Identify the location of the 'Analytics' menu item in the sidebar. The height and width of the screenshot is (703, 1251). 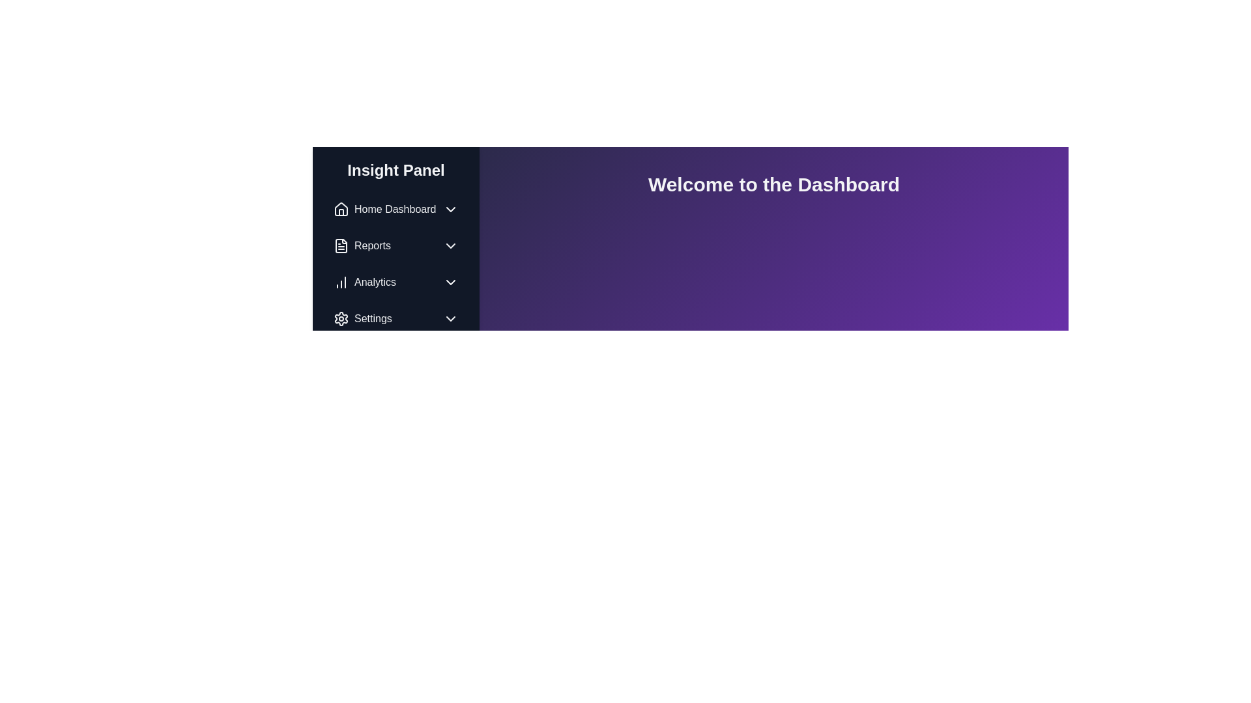
(365, 282).